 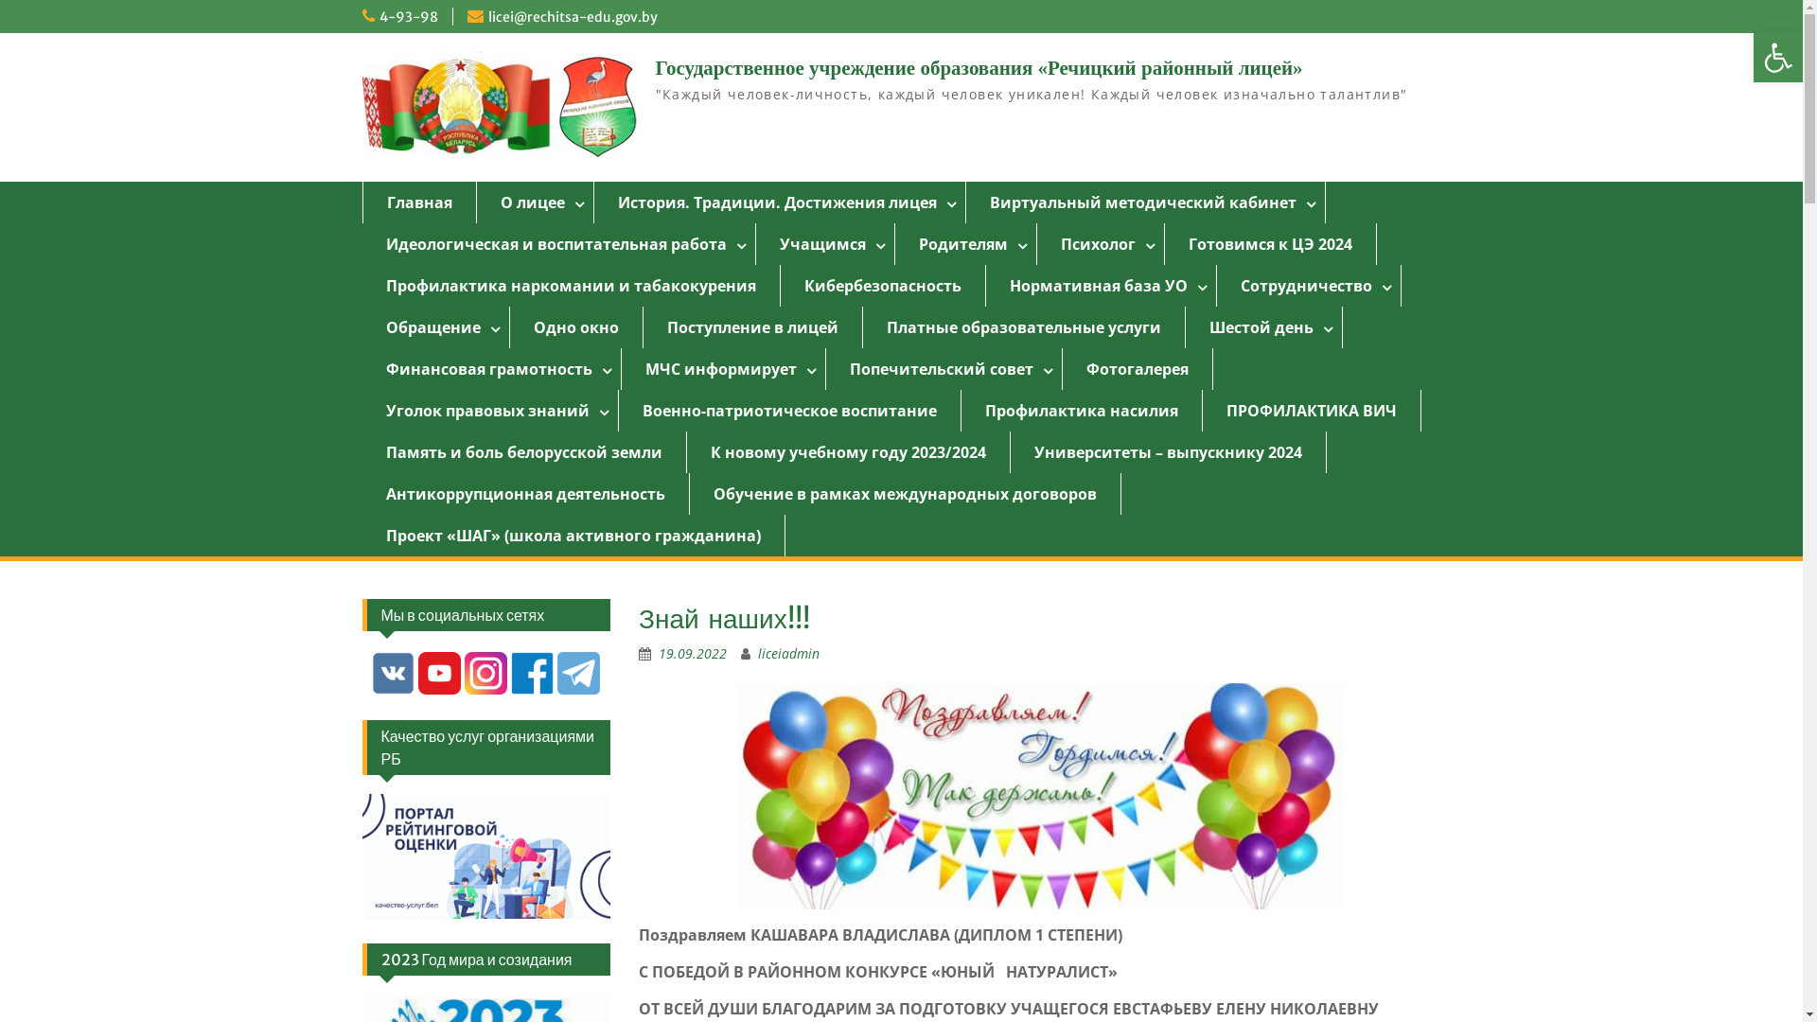 I want to click on '4-93-98', so click(x=407, y=17).